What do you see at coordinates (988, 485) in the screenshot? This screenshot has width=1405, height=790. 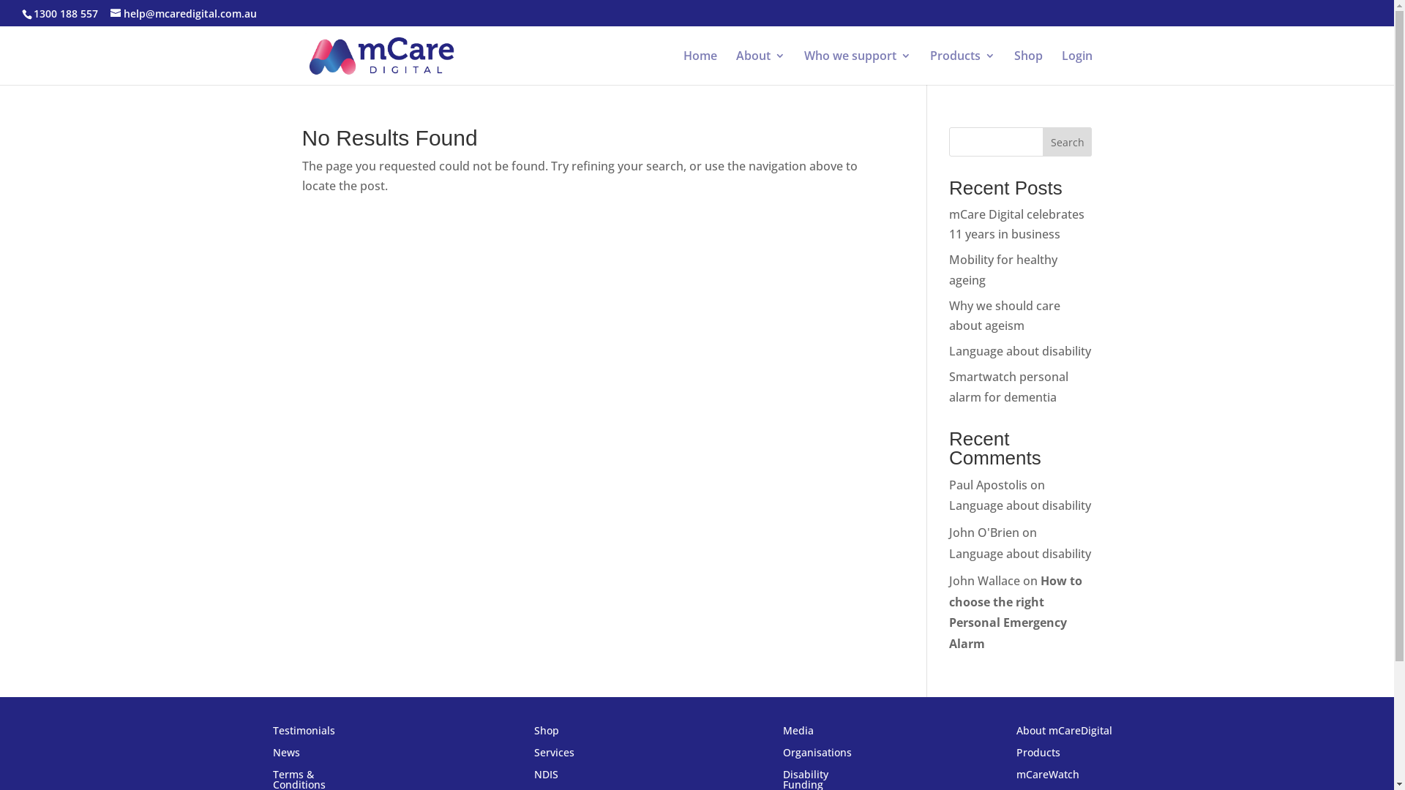 I see `'Paul Apostolis'` at bounding box center [988, 485].